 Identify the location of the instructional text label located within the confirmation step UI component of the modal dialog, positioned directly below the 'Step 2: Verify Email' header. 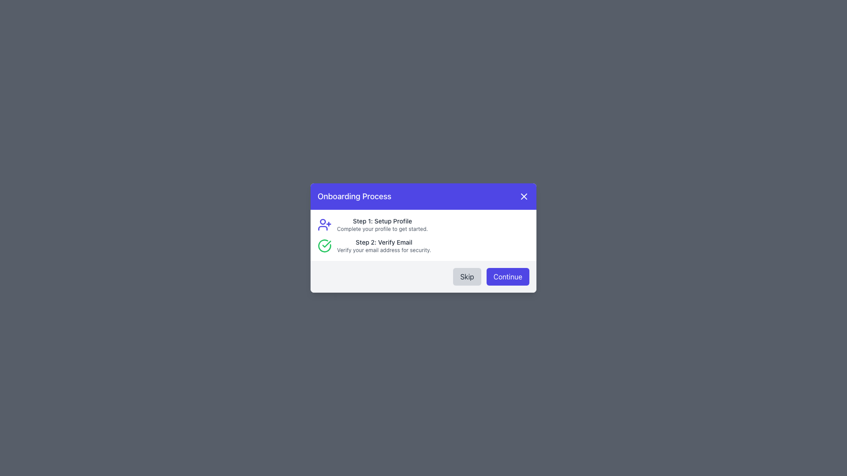
(384, 250).